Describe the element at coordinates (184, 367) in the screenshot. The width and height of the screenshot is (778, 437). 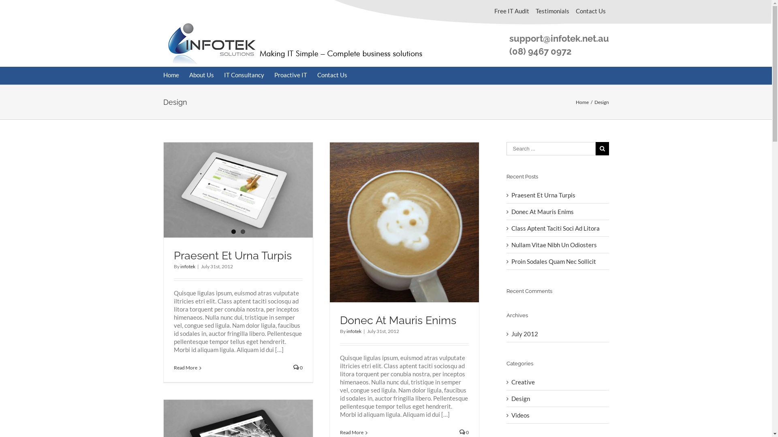
I see `'Read More'` at that location.